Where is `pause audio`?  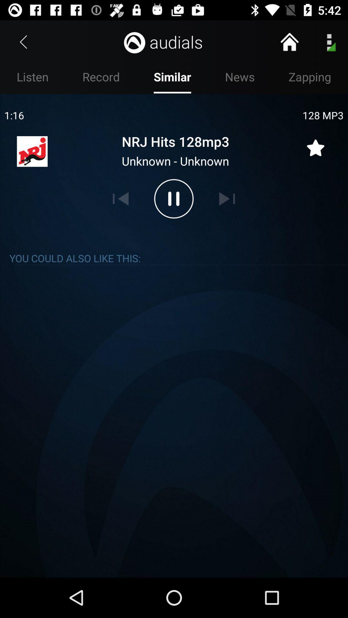 pause audio is located at coordinates (173, 198).